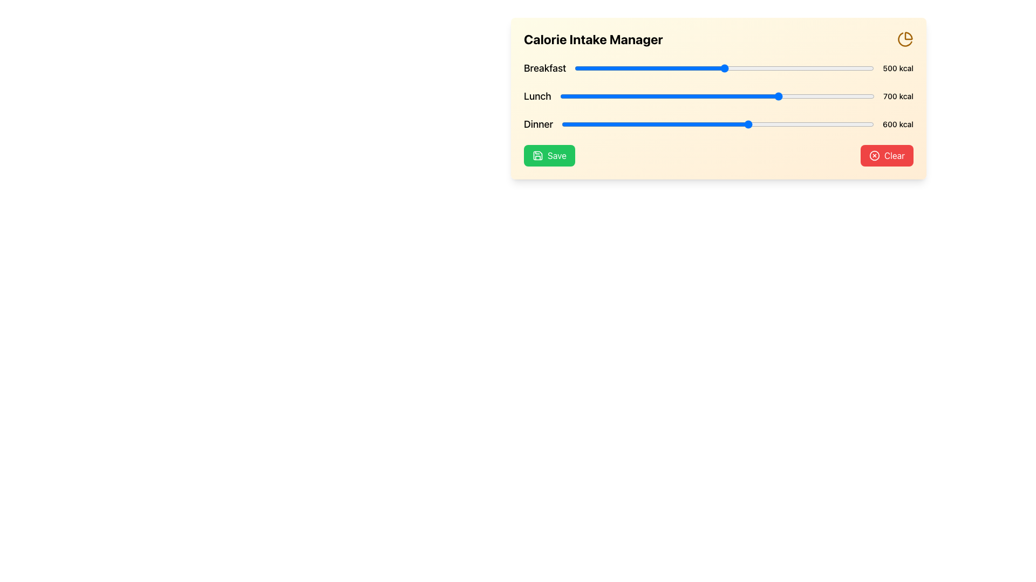 Image resolution: width=1036 pixels, height=582 pixels. Describe the element at coordinates (557, 156) in the screenshot. I see `the 'Save' text label inside the green button with rounded corners, which features a save icon to the left of the text, located near the bottom-left corner of the interface box` at that location.